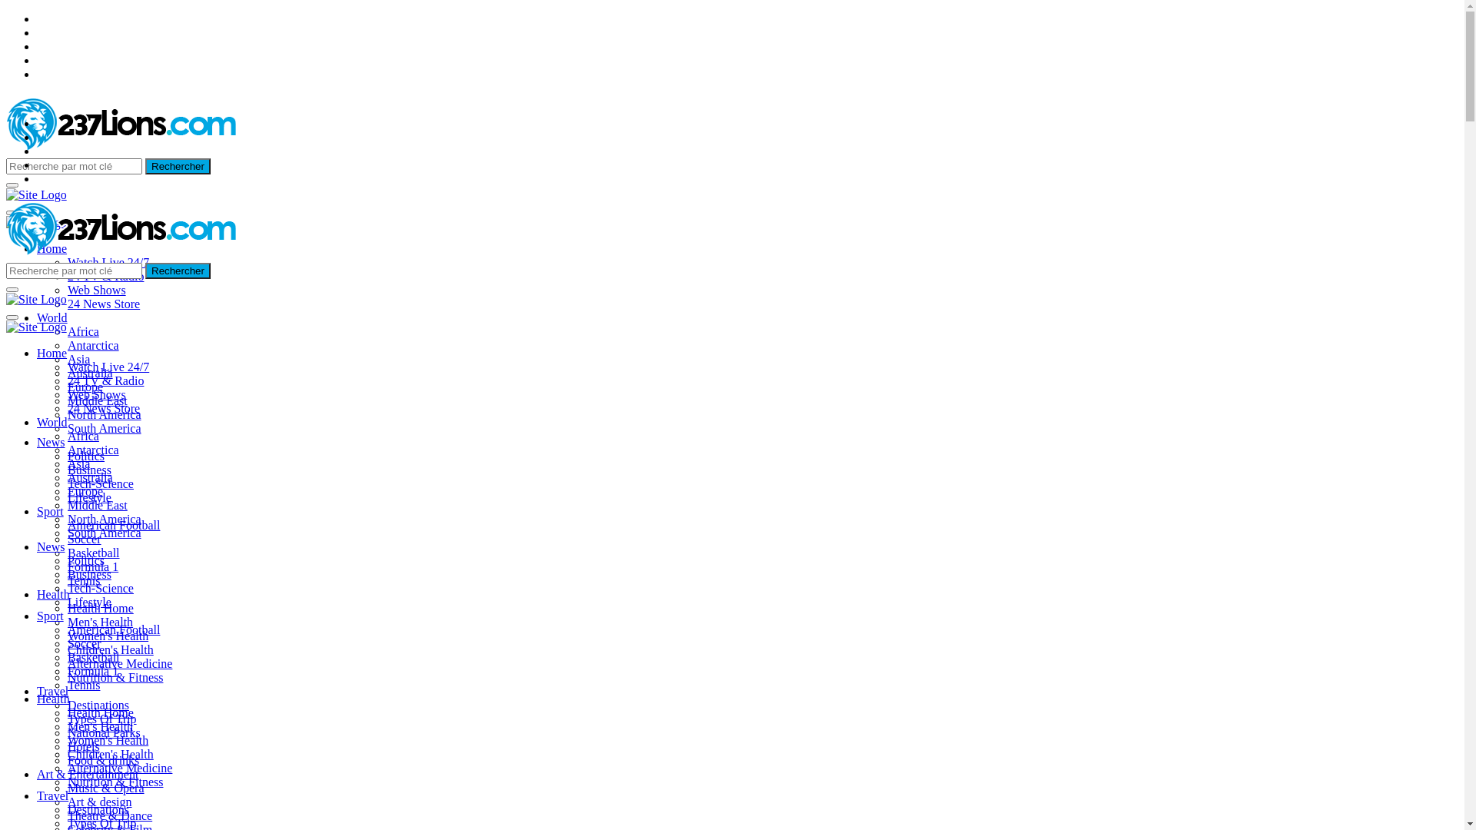  I want to click on 'Children's Health', so click(66, 649).